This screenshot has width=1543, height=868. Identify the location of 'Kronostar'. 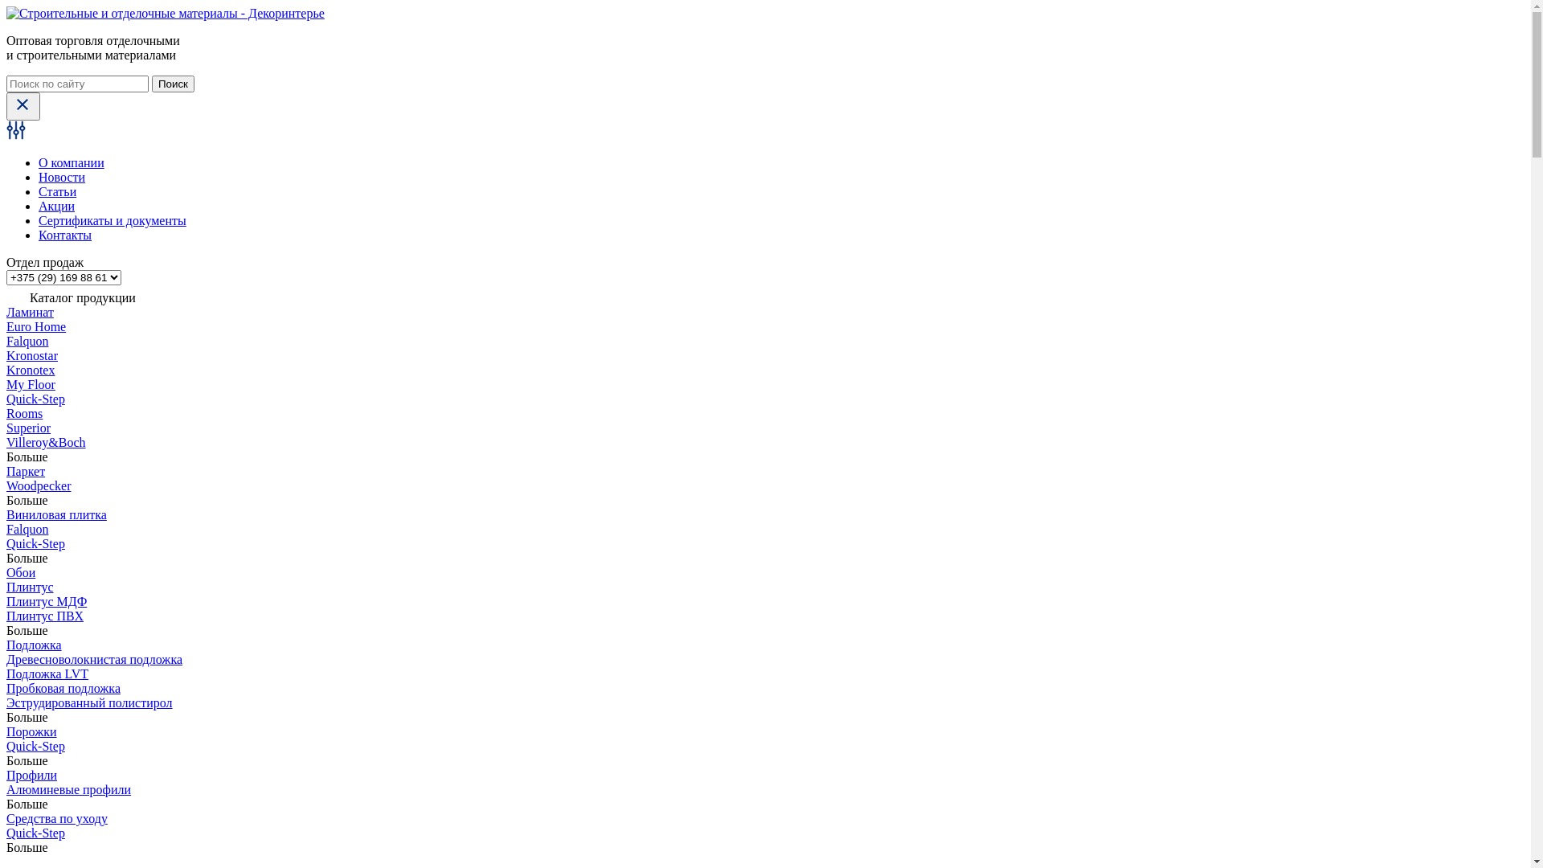
(6, 354).